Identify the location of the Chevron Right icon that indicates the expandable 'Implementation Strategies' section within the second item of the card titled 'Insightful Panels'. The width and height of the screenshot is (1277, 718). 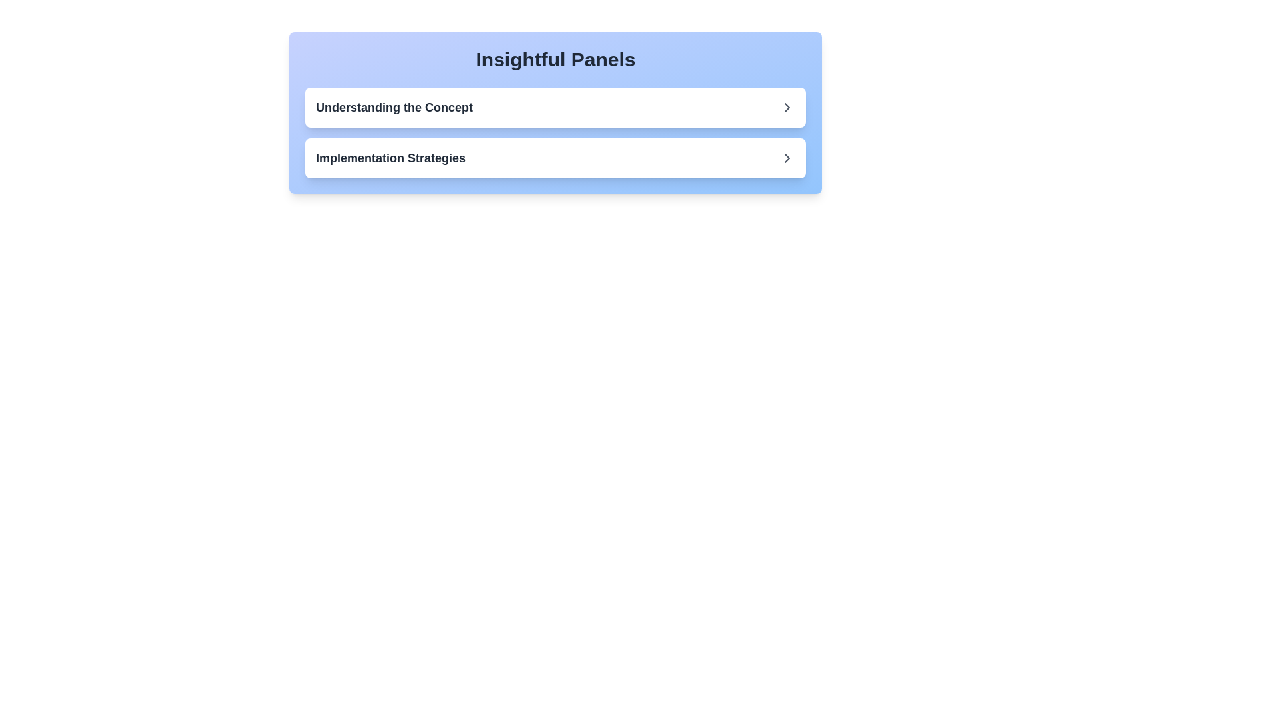
(787, 158).